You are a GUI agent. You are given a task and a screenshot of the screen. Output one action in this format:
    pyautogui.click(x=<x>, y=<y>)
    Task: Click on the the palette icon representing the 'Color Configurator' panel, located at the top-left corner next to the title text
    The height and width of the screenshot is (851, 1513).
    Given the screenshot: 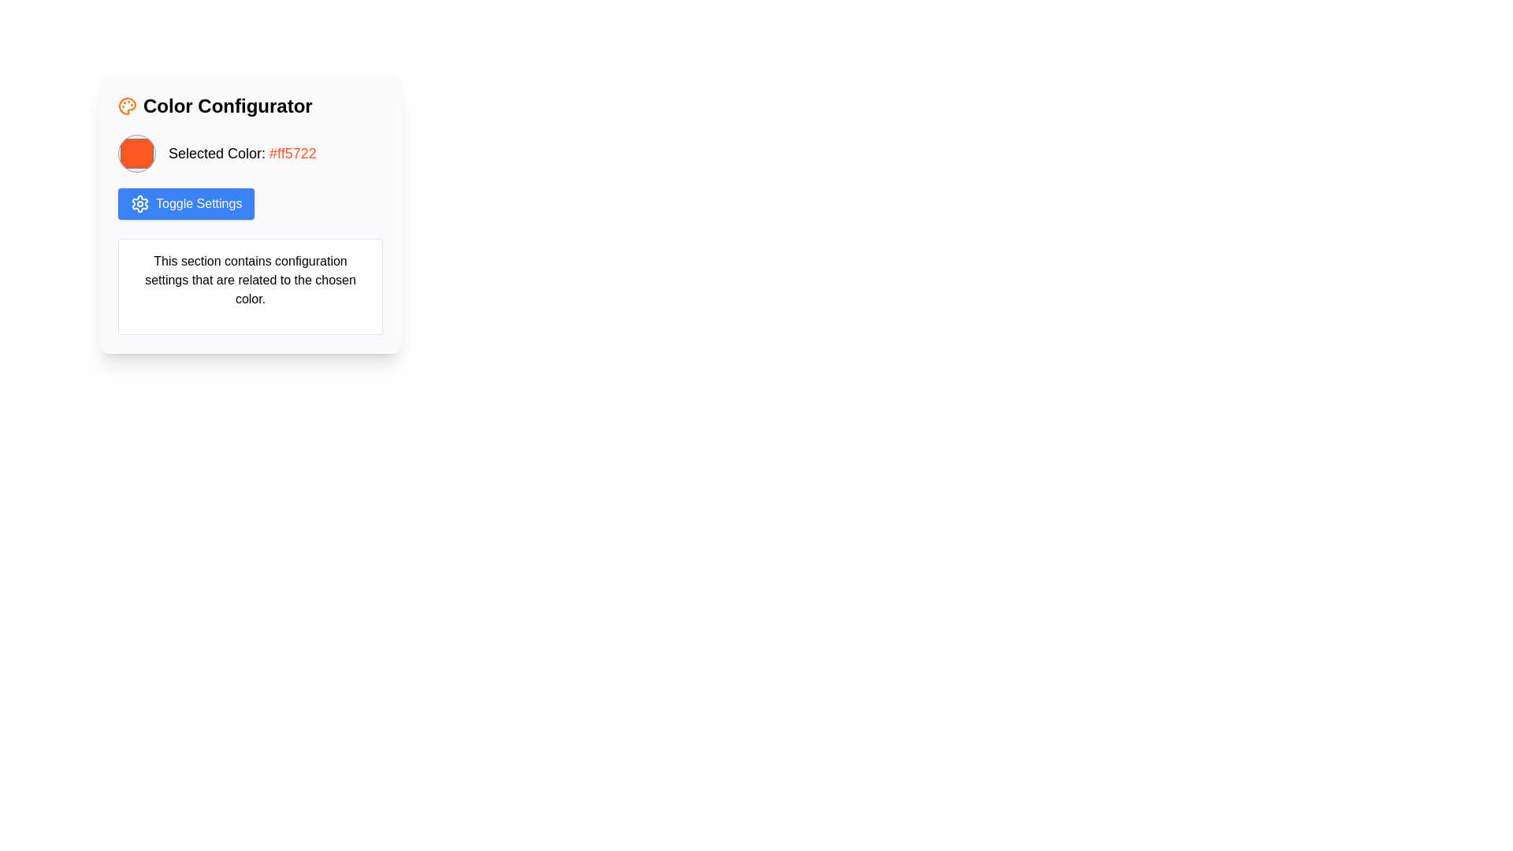 What is the action you would take?
    pyautogui.click(x=128, y=106)
    